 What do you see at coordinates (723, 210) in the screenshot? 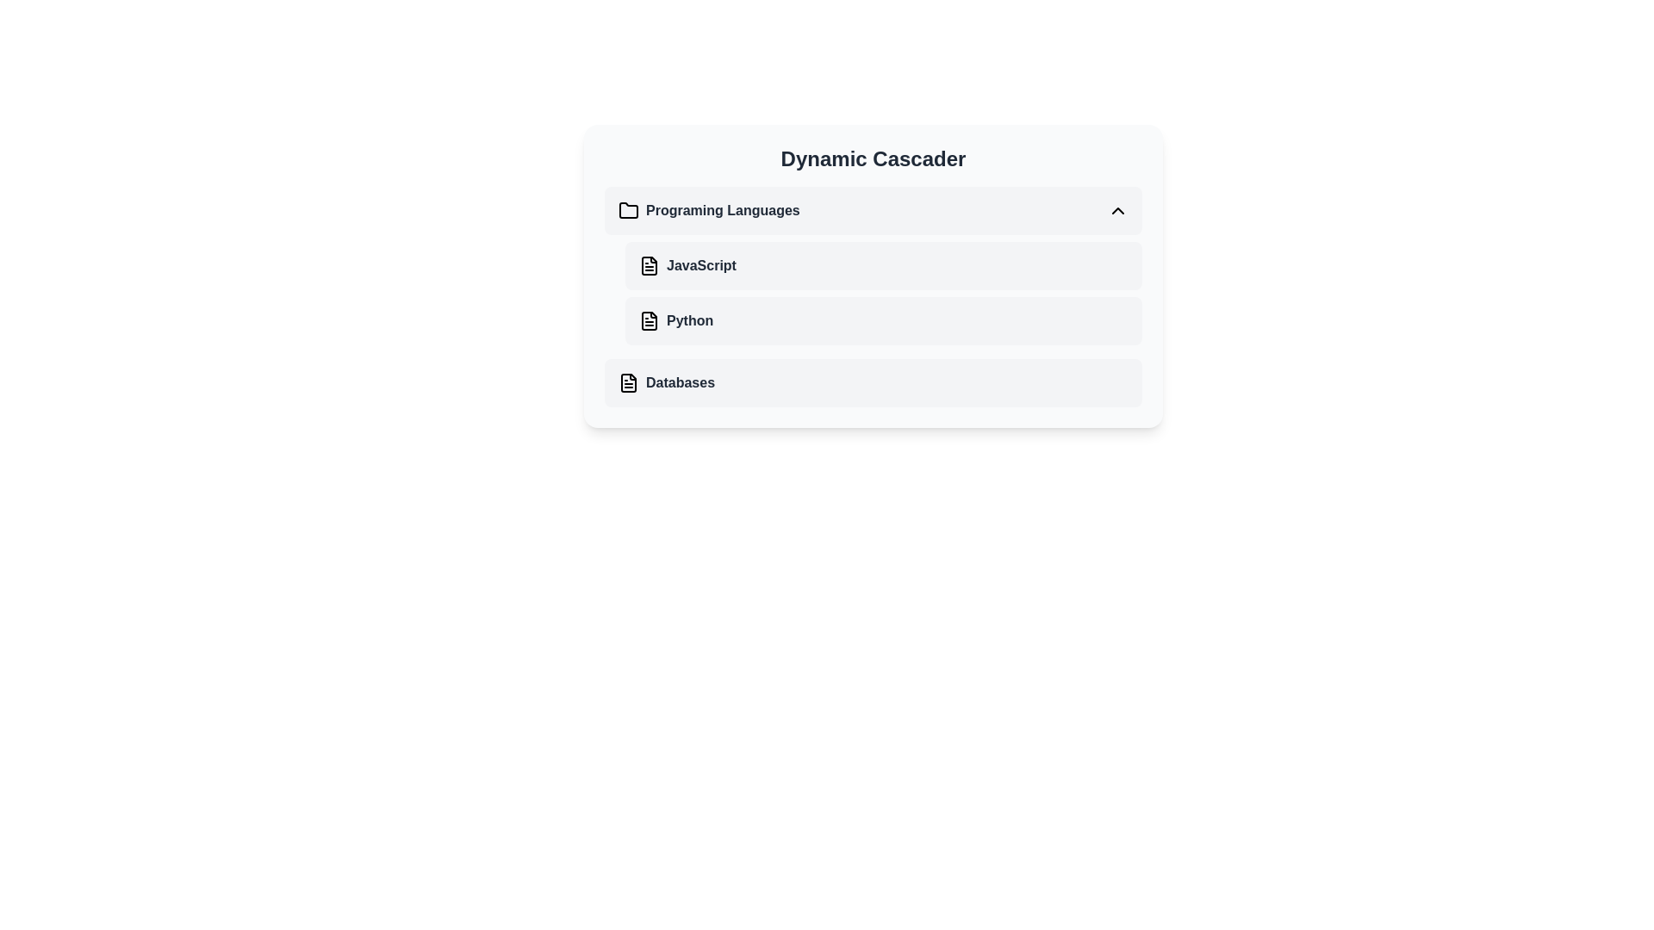
I see `the text label displaying 'Programming Languages', which is styled in bold dark gray font and positioned to the right of a folder icon within a vertical list under 'Dynamic Cascader'` at bounding box center [723, 210].